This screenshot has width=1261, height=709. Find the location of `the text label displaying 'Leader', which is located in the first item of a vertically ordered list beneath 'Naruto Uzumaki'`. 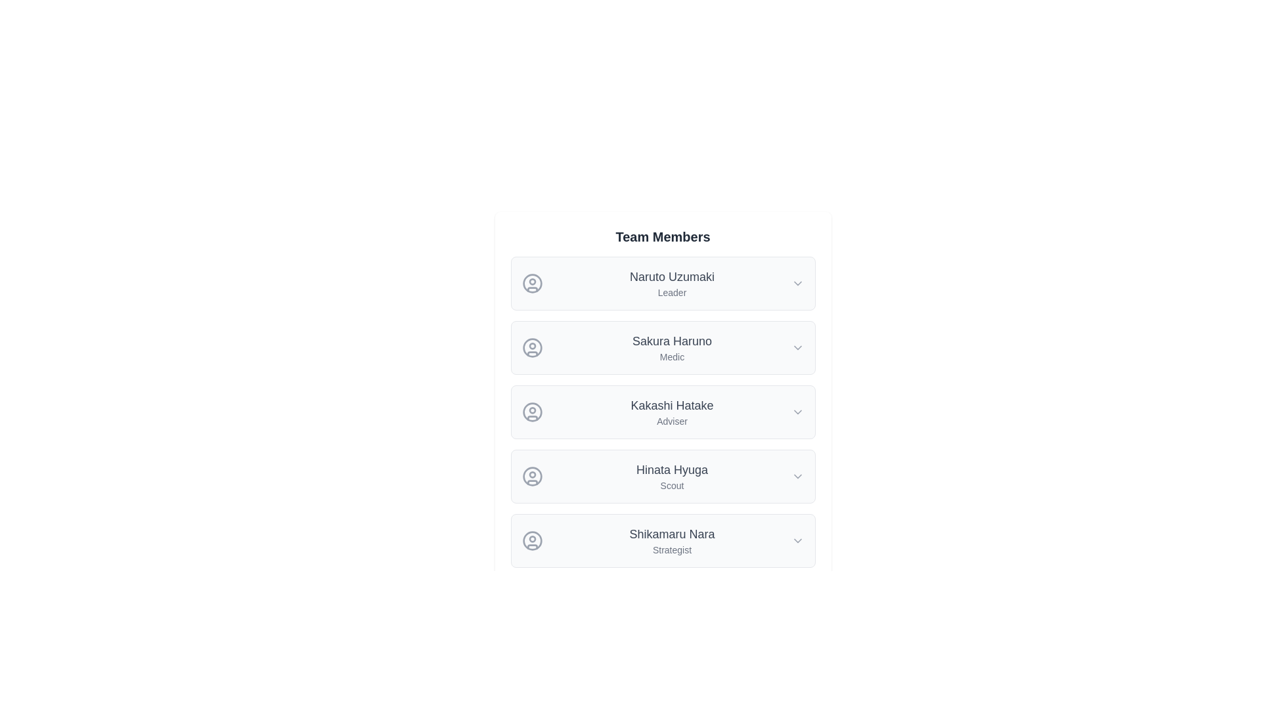

the text label displaying 'Leader', which is located in the first item of a vertically ordered list beneath 'Naruto Uzumaki' is located at coordinates (672, 292).